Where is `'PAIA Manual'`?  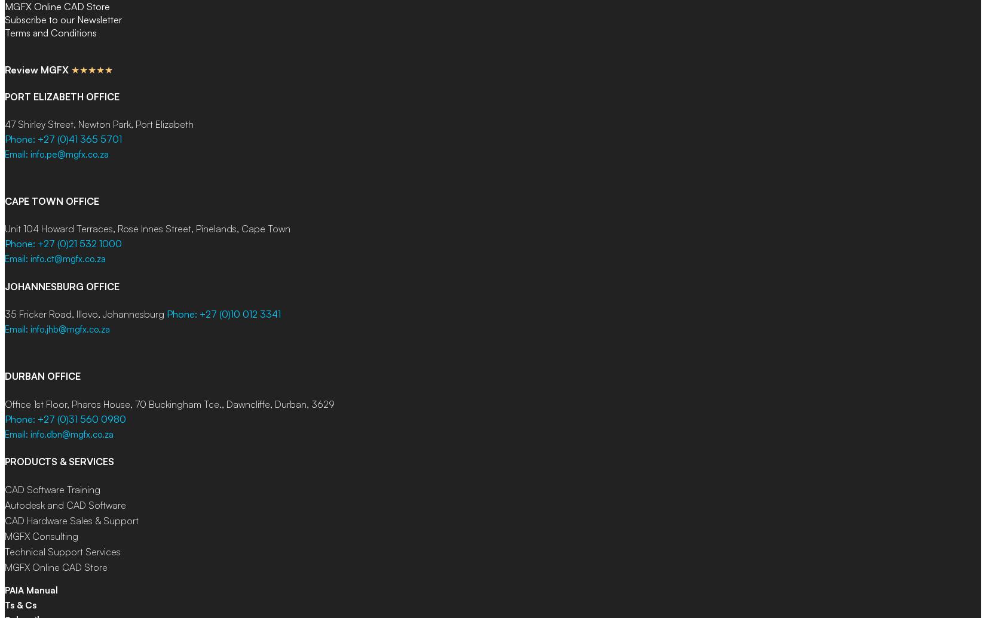 'PAIA Manual' is located at coordinates (31, 589).